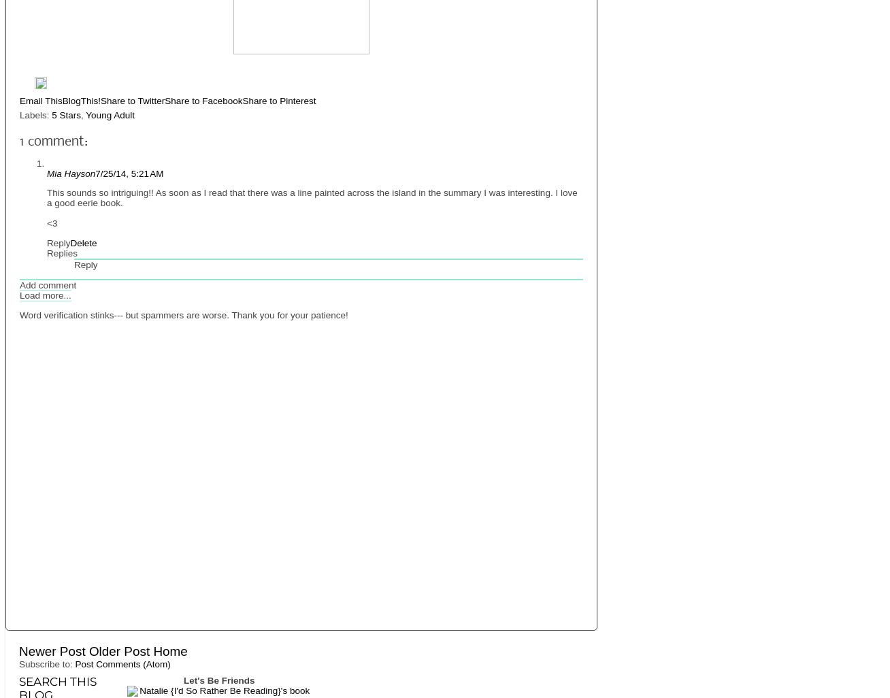 The image size is (890, 698). Describe the element at coordinates (80, 100) in the screenshot. I see `'BlogThis!'` at that location.